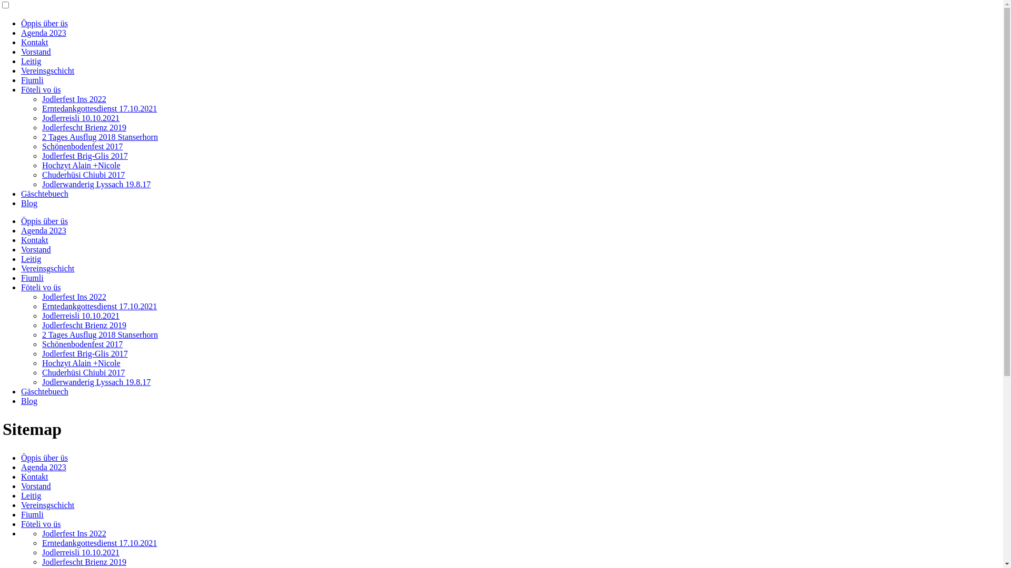 The height and width of the screenshot is (568, 1011). I want to click on 'Jodlerfest Ins 2022', so click(73, 99).